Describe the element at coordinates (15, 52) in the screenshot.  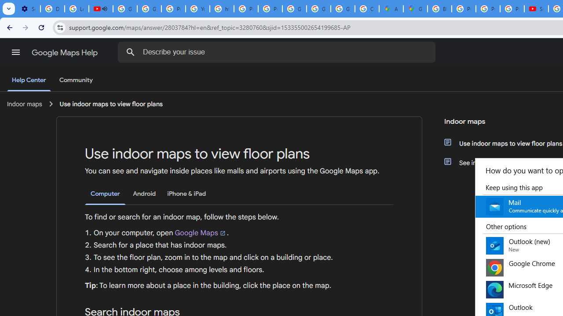
I see `'Main menu'` at that location.